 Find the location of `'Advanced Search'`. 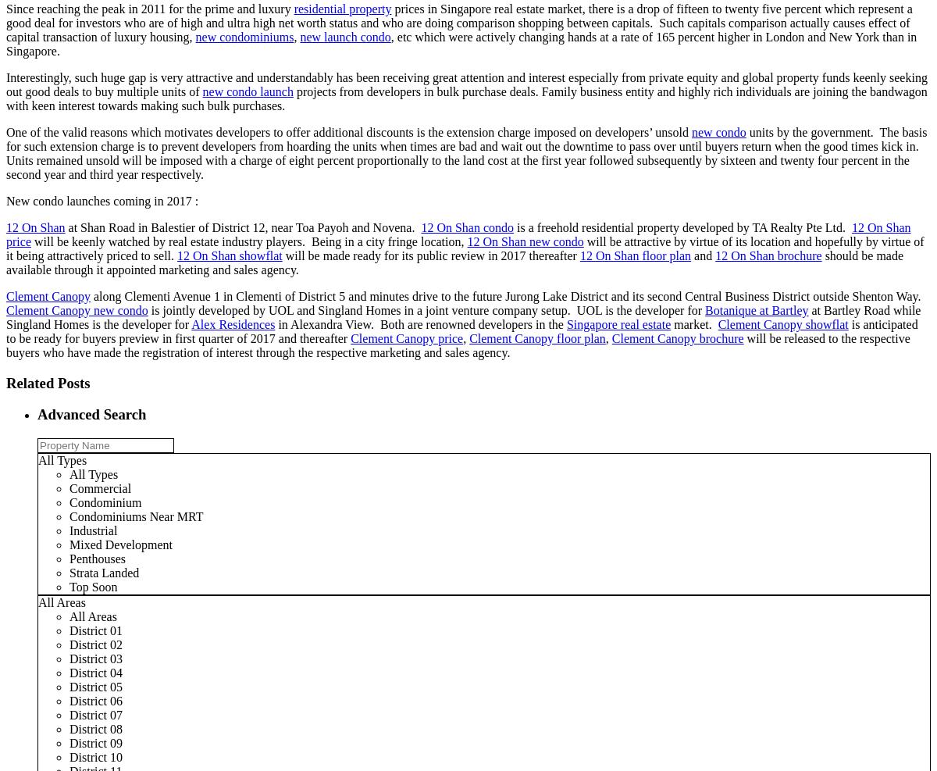

'Advanced Search' is located at coordinates (37, 414).